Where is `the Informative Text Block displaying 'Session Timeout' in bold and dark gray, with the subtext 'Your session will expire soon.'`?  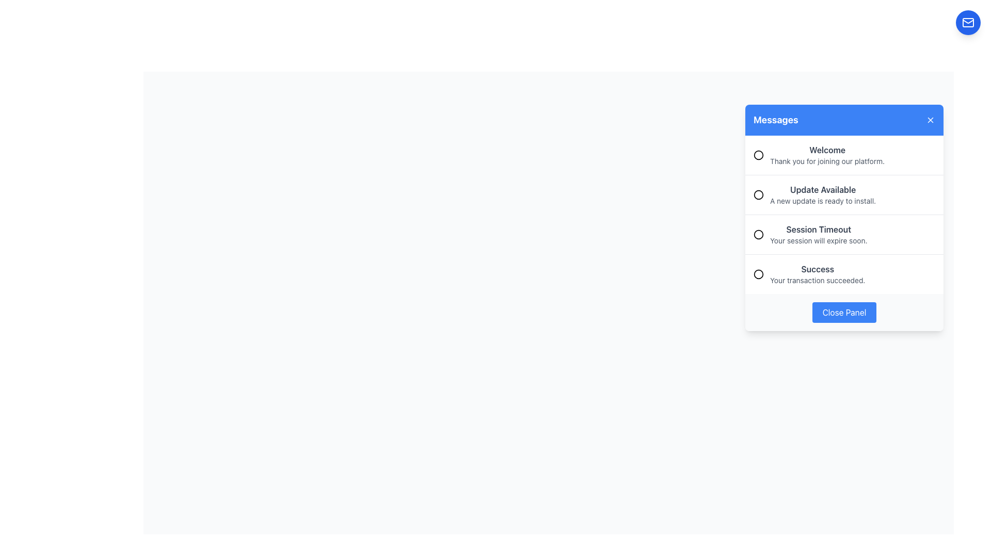 the Informative Text Block displaying 'Session Timeout' in bold and dark gray, with the subtext 'Your session will expire soon.' is located at coordinates (818, 235).